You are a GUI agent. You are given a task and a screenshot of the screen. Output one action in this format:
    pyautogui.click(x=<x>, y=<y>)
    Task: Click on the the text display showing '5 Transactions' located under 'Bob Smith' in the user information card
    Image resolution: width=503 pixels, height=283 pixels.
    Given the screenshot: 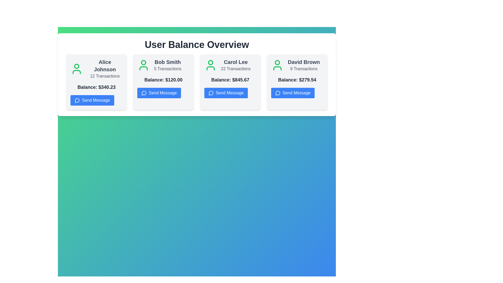 What is the action you would take?
    pyautogui.click(x=168, y=68)
    